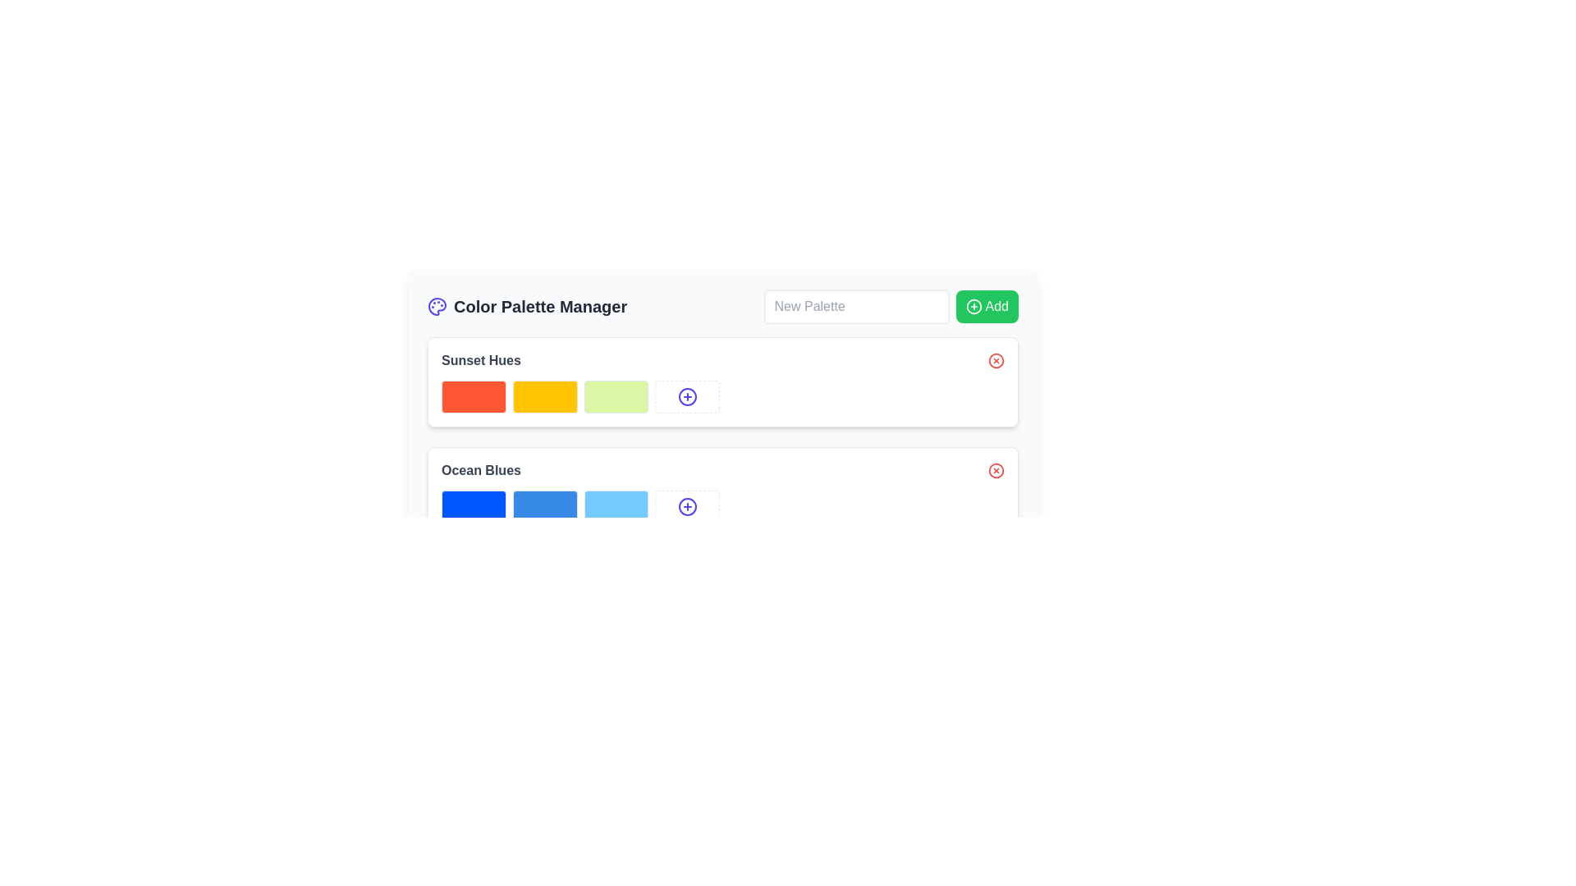 This screenshot has height=886, width=1576. Describe the element at coordinates (986, 307) in the screenshot. I see `the green rounded button labeled 'Add' with a plus icon` at that location.